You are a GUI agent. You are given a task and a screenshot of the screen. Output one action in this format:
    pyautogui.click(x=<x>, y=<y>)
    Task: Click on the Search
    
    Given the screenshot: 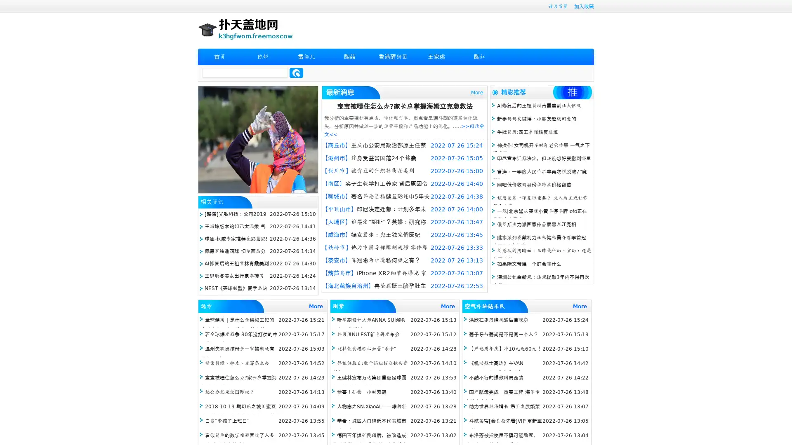 What is the action you would take?
    pyautogui.click(x=296, y=73)
    